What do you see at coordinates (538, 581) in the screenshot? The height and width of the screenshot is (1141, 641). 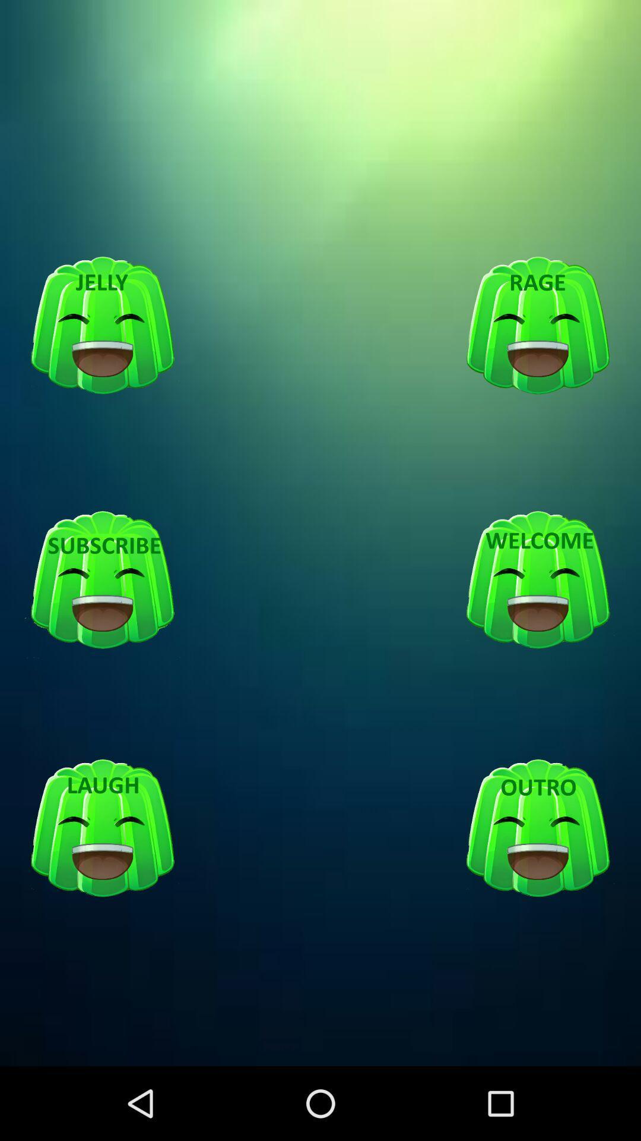 I see `welcome icon` at bounding box center [538, 581].